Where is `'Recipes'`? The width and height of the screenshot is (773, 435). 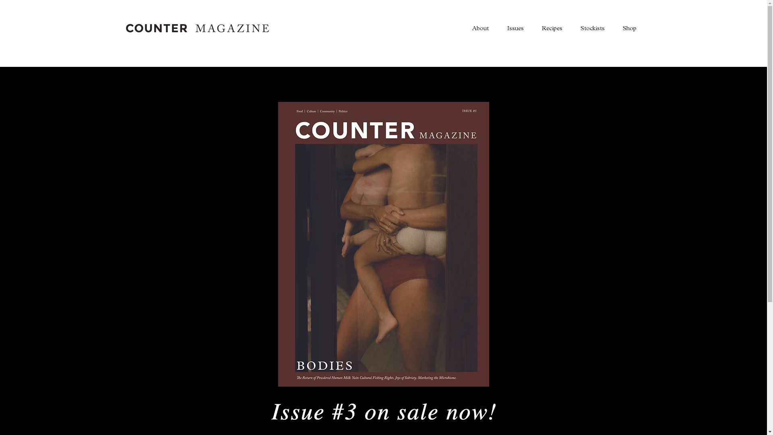
'Recipes' is located at coordinates (551, 27).